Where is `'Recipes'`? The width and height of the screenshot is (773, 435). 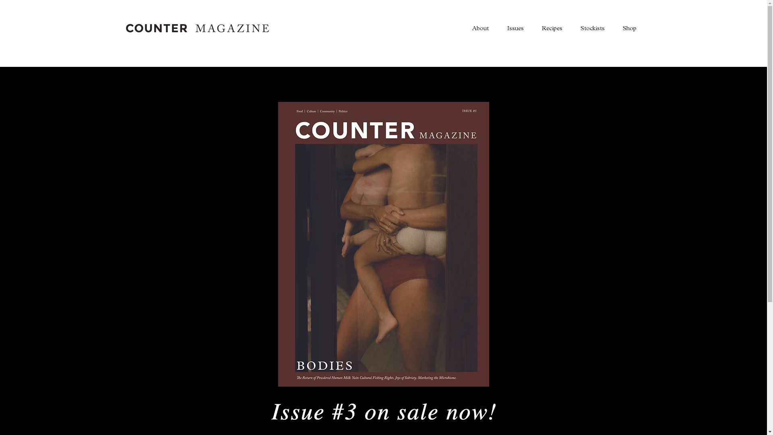
'Recipes' is located at coordinates (551, 27).